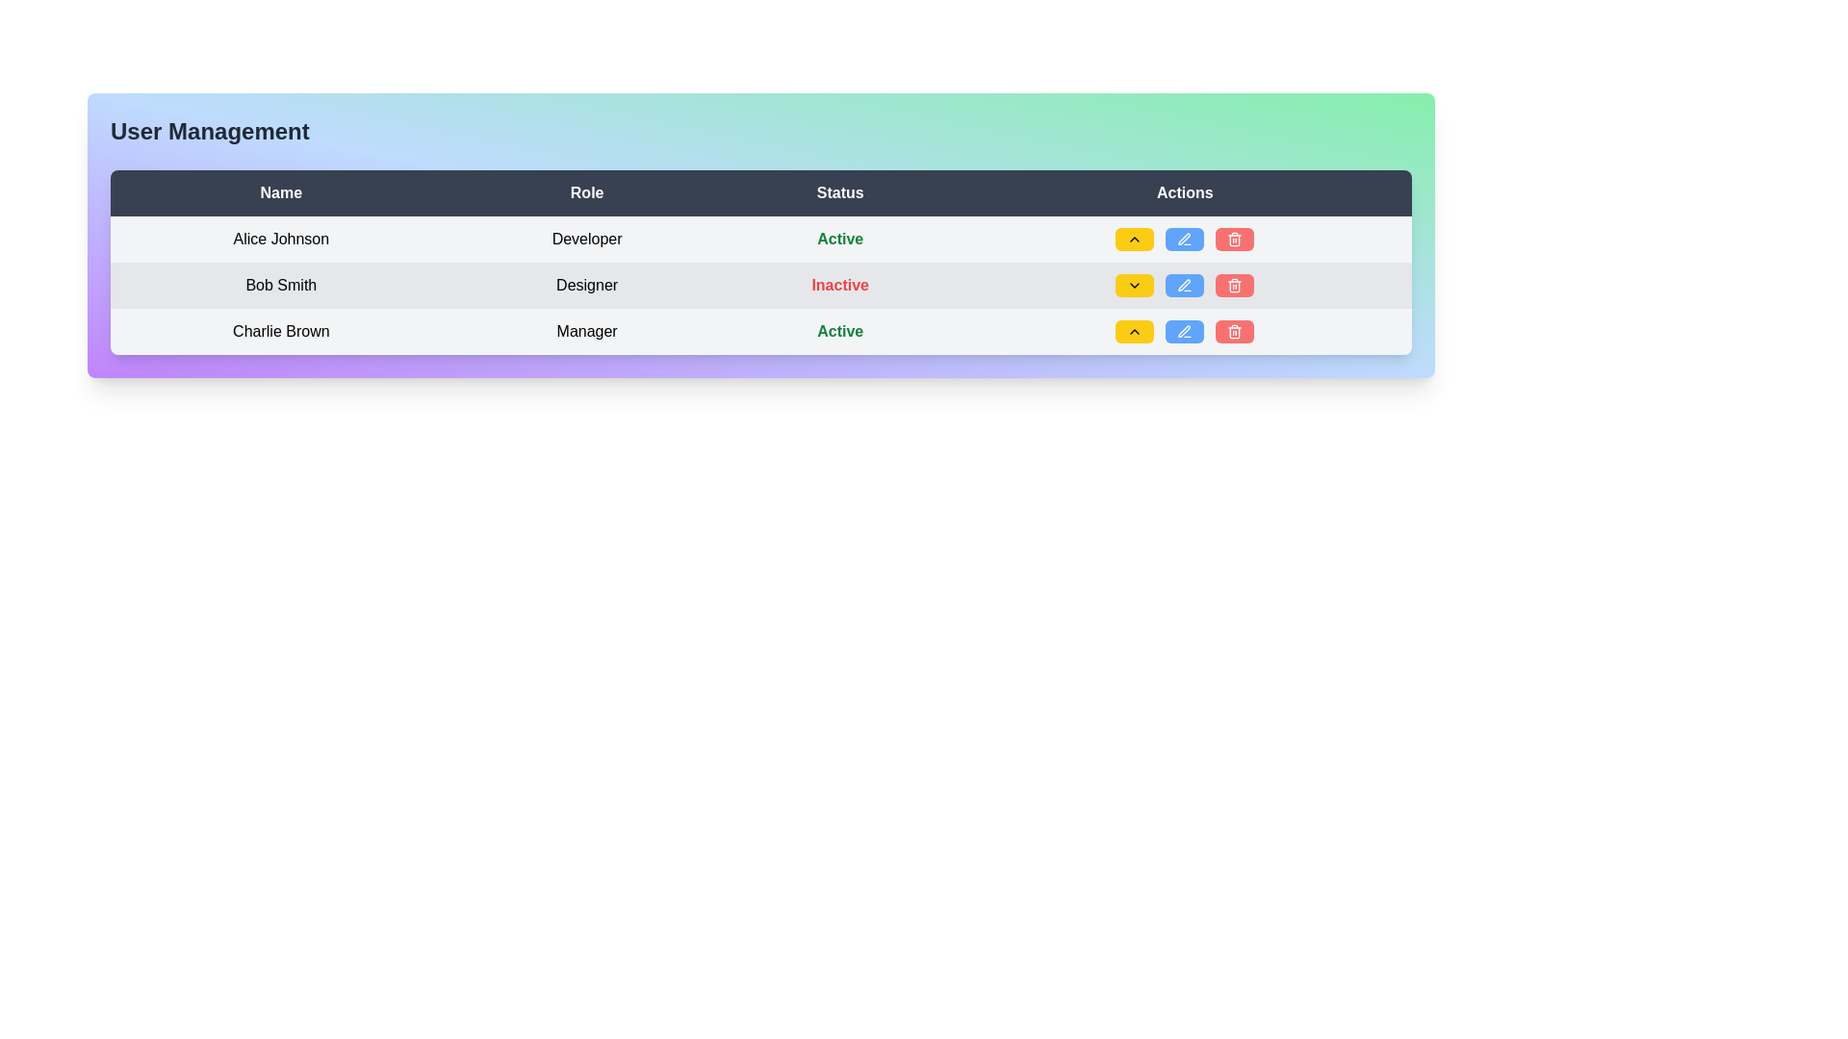 Image resolution: width=1848 pixels, height=1039 pixels. What do you see at coordinates (1184, 239) in the screenshot?
I see `the blue button with a pen icon in the 'Actions' column of the user management table associated with 'Bob Smith'` at bounding box center [1184, 239].